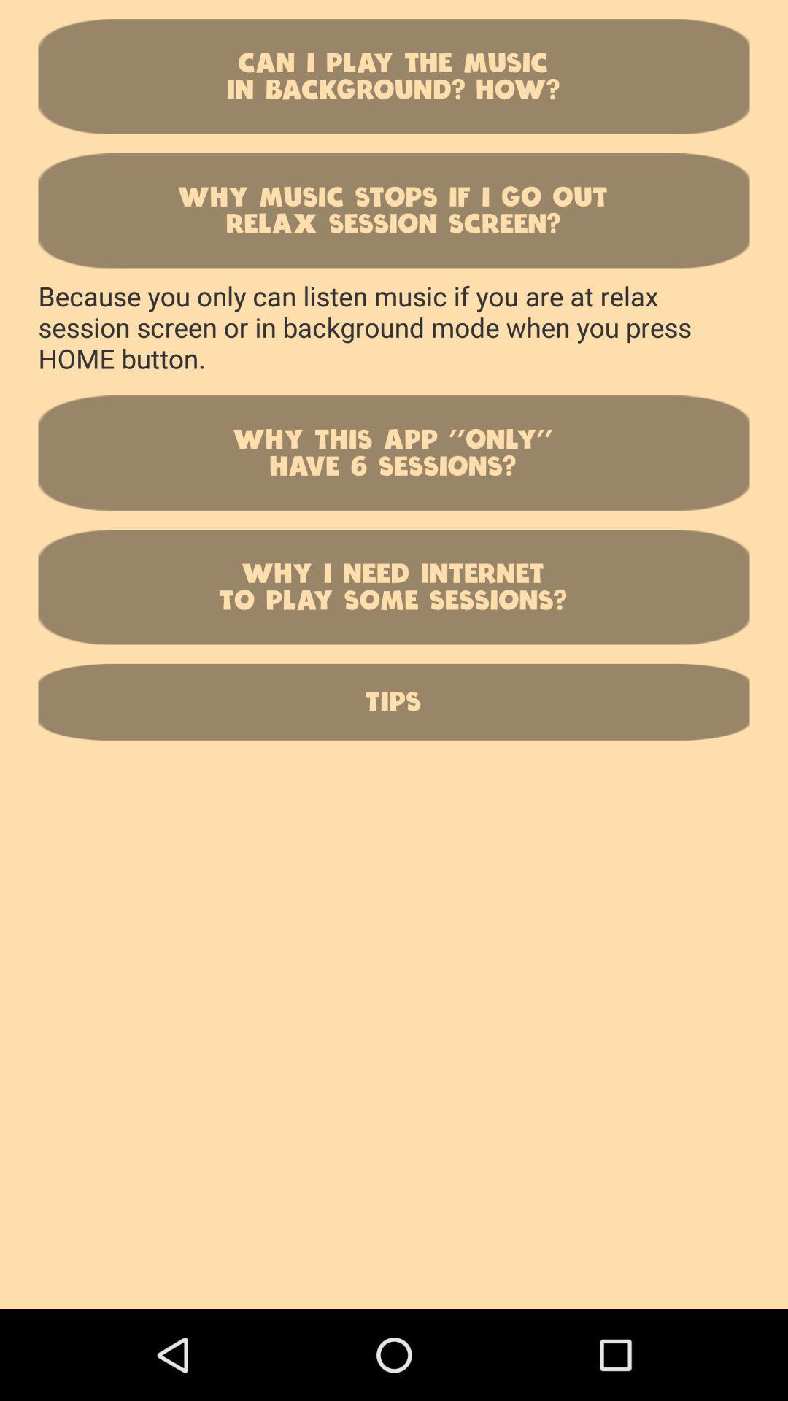 This screenshot has width=788, height=1401. I want to click on icon below why i need, so click(394, 702).